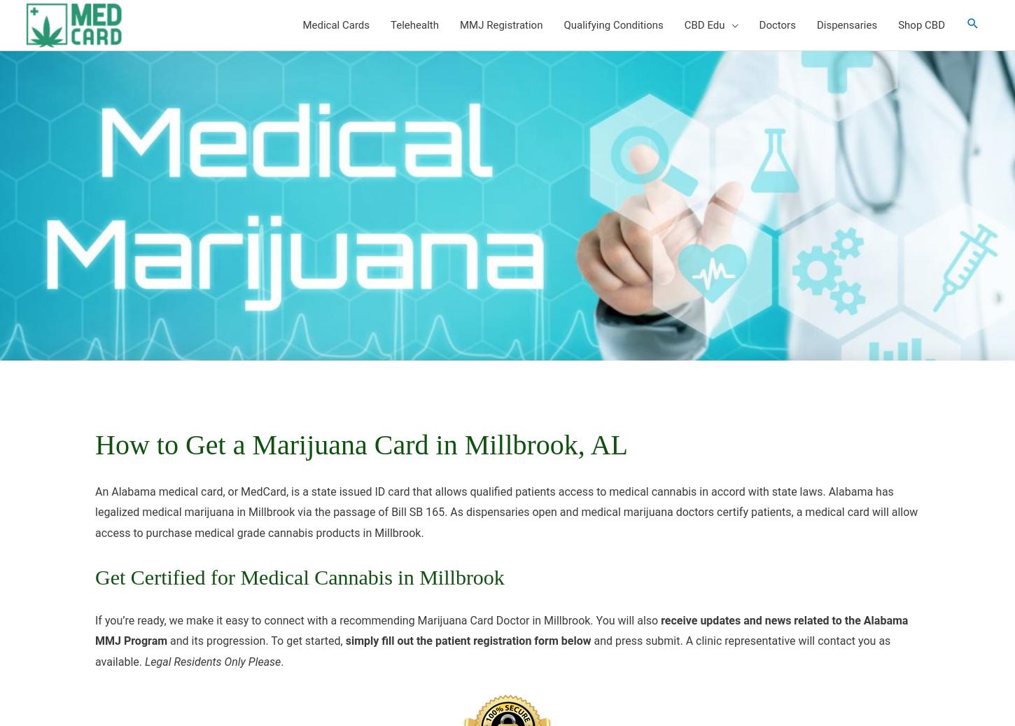 The image size is (1015, 726). Describe the element at coordinates (467, 641) in the screenshot. I see `'simply fill out the patient registration form below'` at that location.